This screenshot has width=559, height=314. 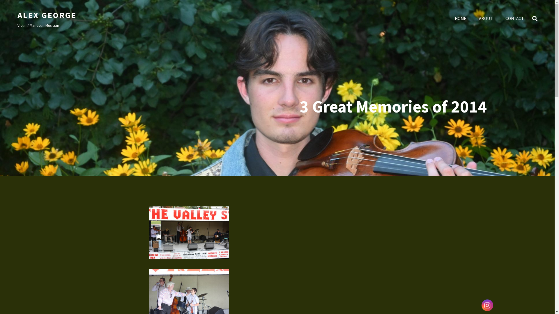 What do you see at coordinates (486, 18) in the screenshot?
I see `'ABOUT'` at bounding box center [486, 18].